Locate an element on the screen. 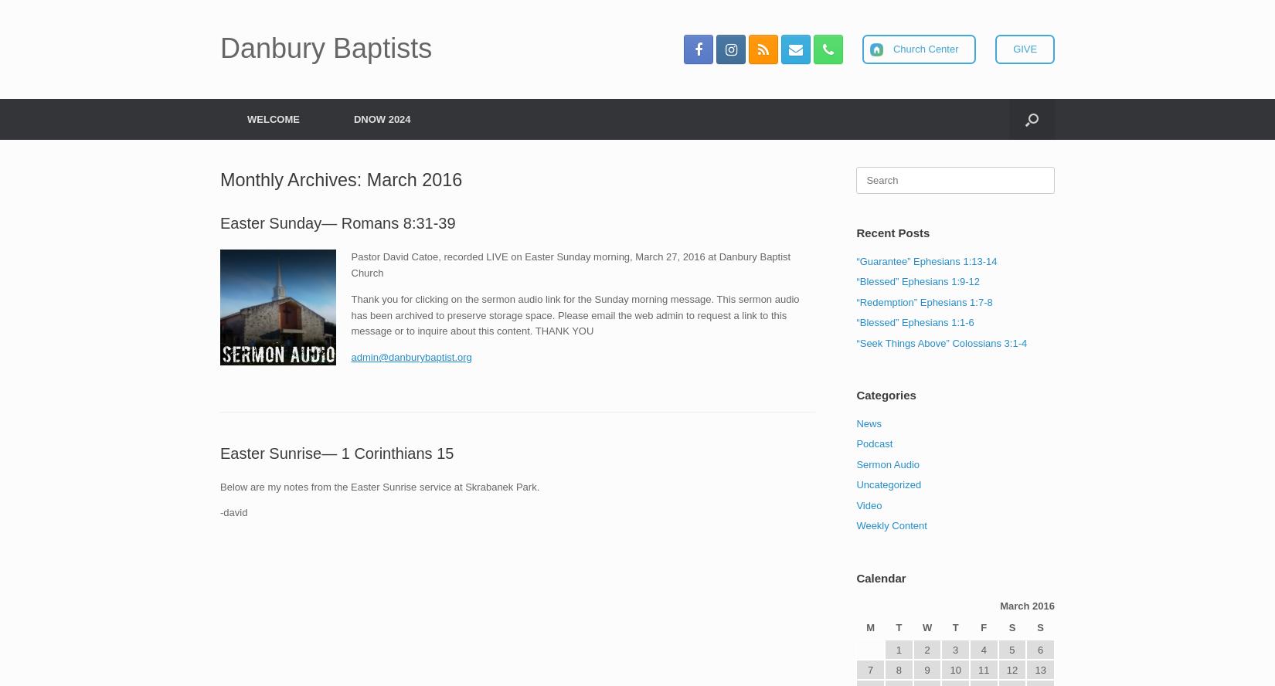  'Sunday School' is located at coordinates (425, 255).